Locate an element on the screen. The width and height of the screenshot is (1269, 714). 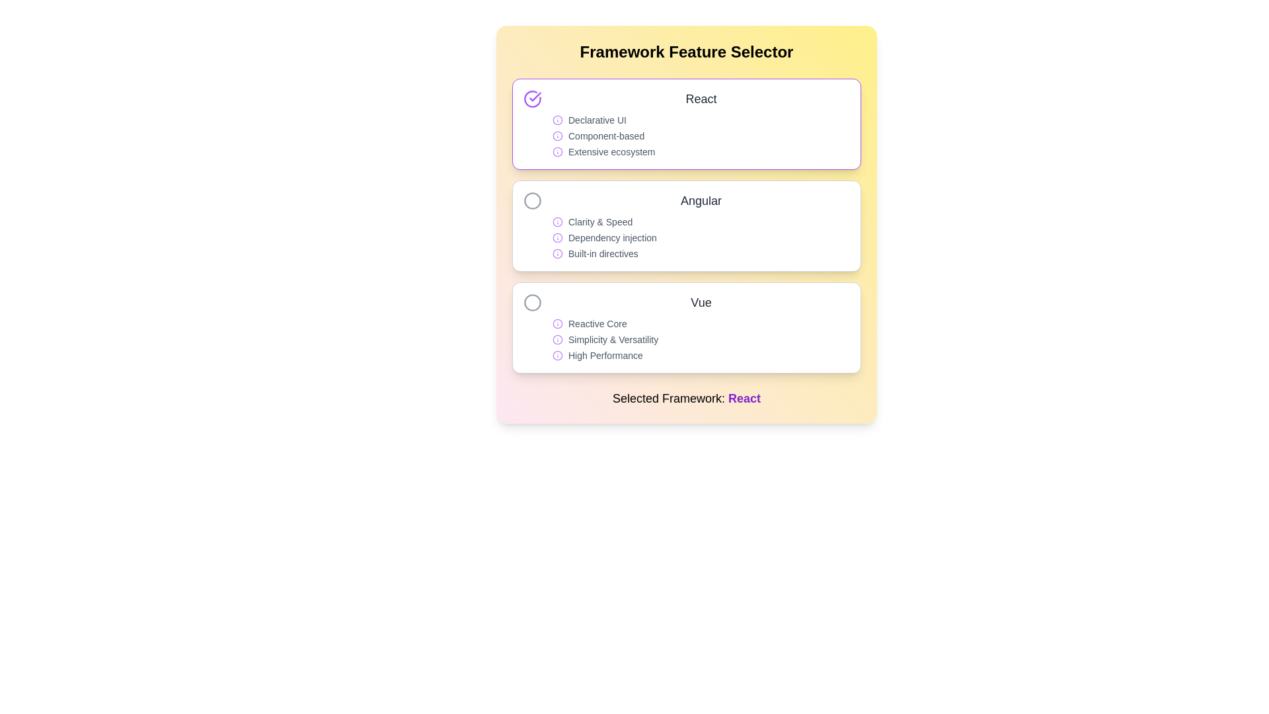
the text label displaying 'React', which is a bold title in black font on a white background, located at the top of the first option card in a vertically stacked set of three cards is located at coordinates (700, 99).